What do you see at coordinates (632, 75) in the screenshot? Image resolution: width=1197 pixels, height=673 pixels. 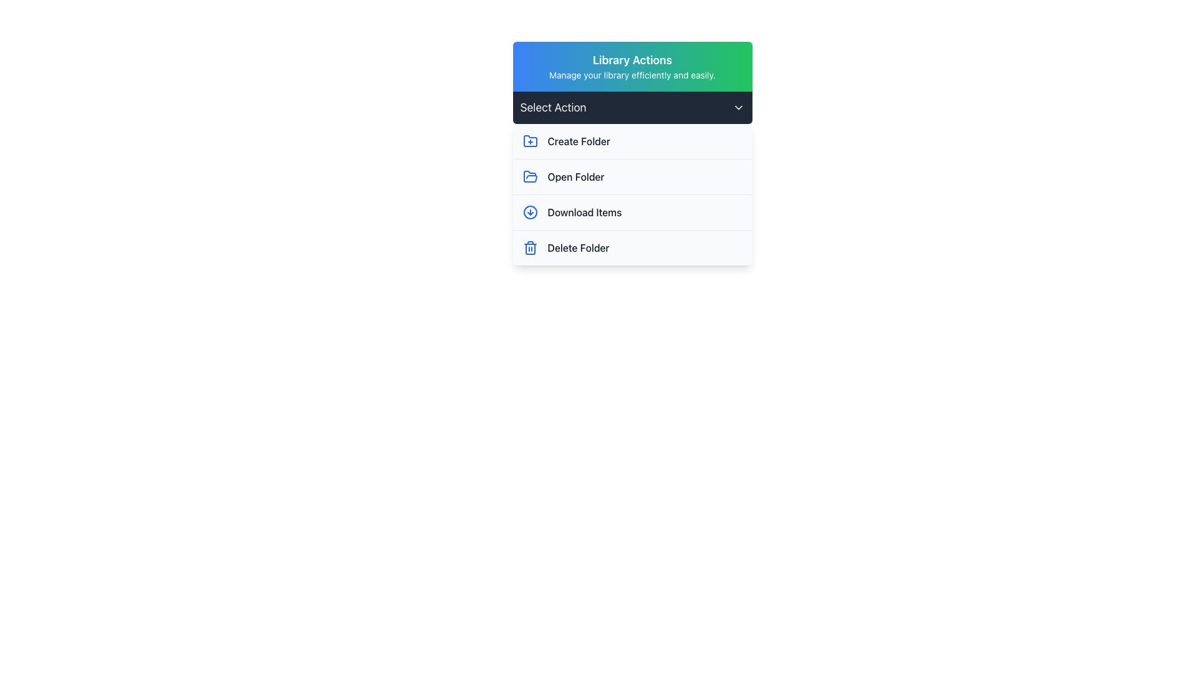 I see `the non-interactive text label providing a description of 'Library Actions', which is positioned below the title and serves as static informational content` at bounding box center [632, 75].